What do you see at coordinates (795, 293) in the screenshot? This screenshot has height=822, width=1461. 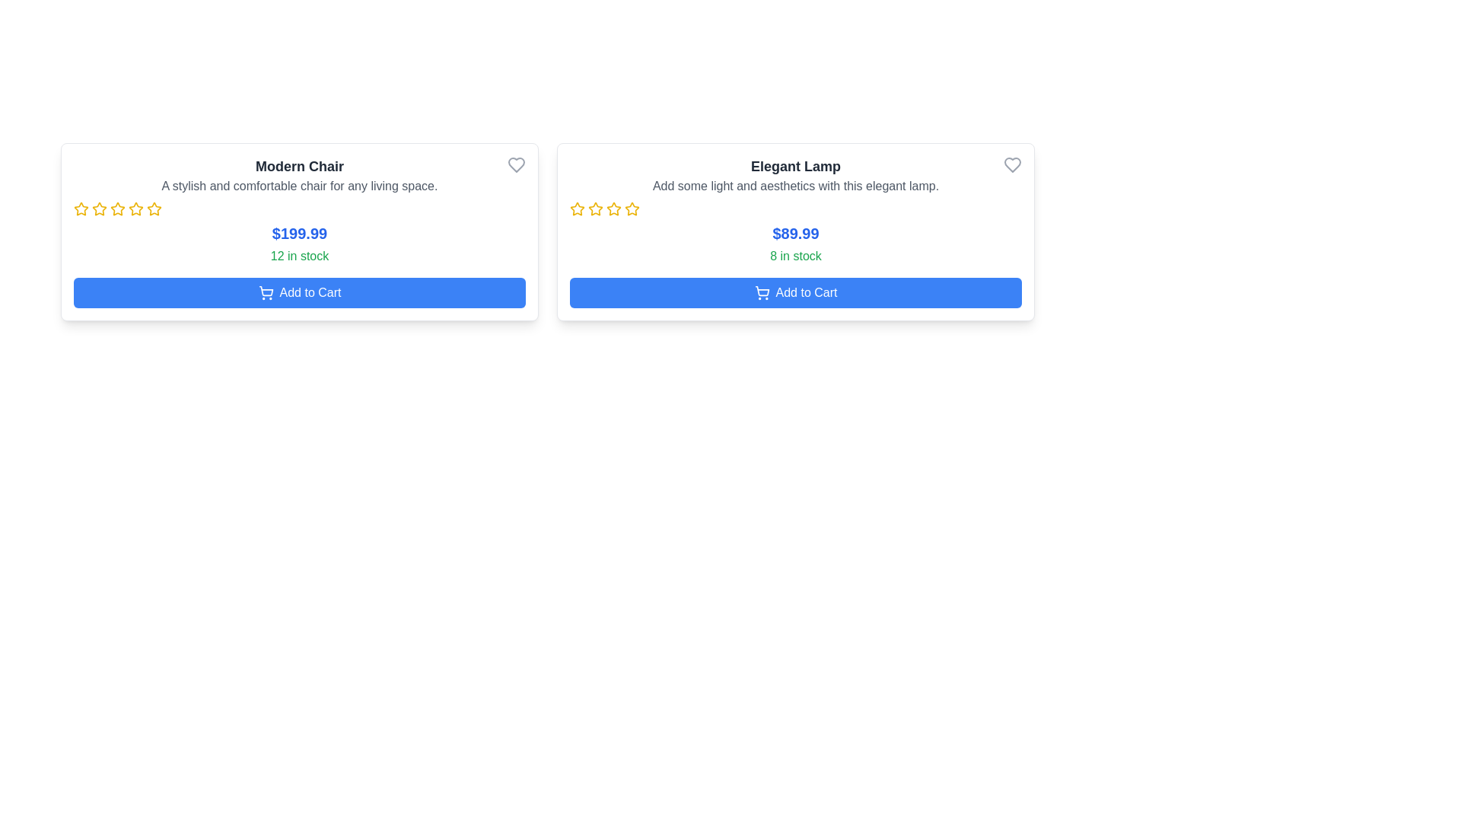 I see `the 'Add to Cart' button with a vibrant blue background and white text, located beneath '8 in stock' in the 'Elegant Lamp' card` at bounding box center [795, 293].